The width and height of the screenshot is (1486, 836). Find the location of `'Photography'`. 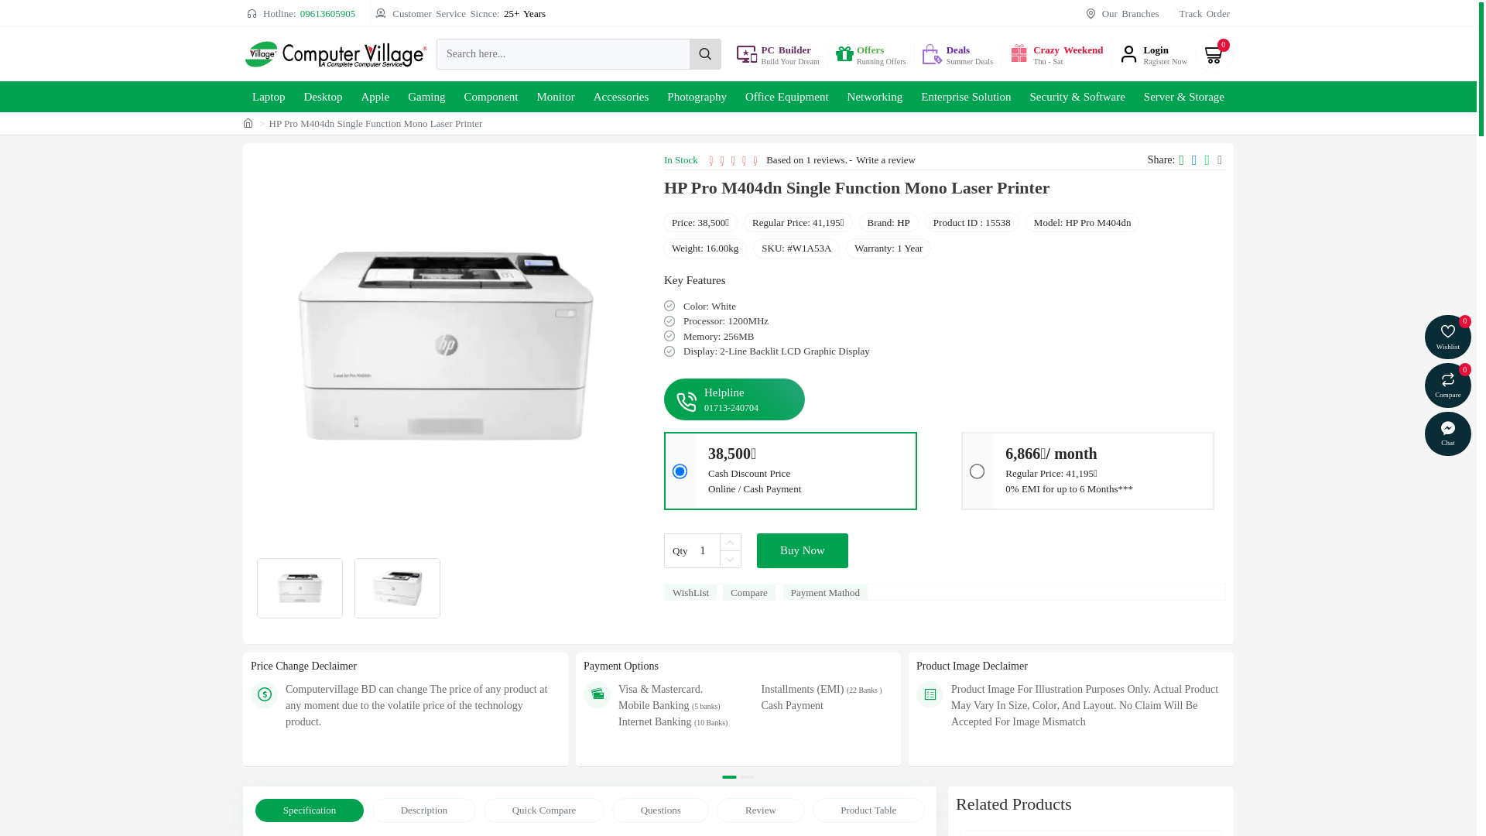

'Photography' is located at coordinates (696, 96).